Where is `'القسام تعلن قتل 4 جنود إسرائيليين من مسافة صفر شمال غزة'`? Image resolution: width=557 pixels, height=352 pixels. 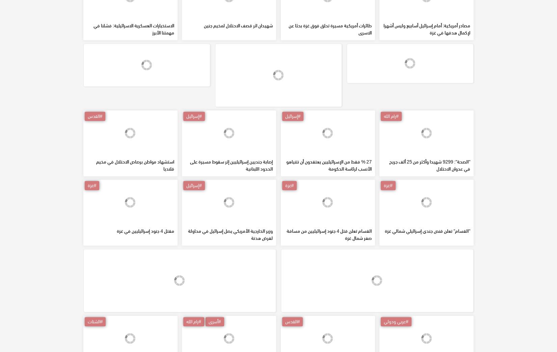
'القسام تعلن قتل 4 جنود إسرائيليين من مسافة صفر شمال غزة' is located at coordinates (329, 283).